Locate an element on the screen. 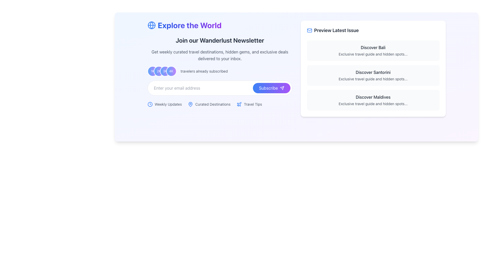 This screenshot has width=497, height=279. the second informational card about Santorini, which is located under 'Discover Bali' and above 'Discover Maldives' in the 'Preview Latest Issue' section is located at coordinates (373, 75).